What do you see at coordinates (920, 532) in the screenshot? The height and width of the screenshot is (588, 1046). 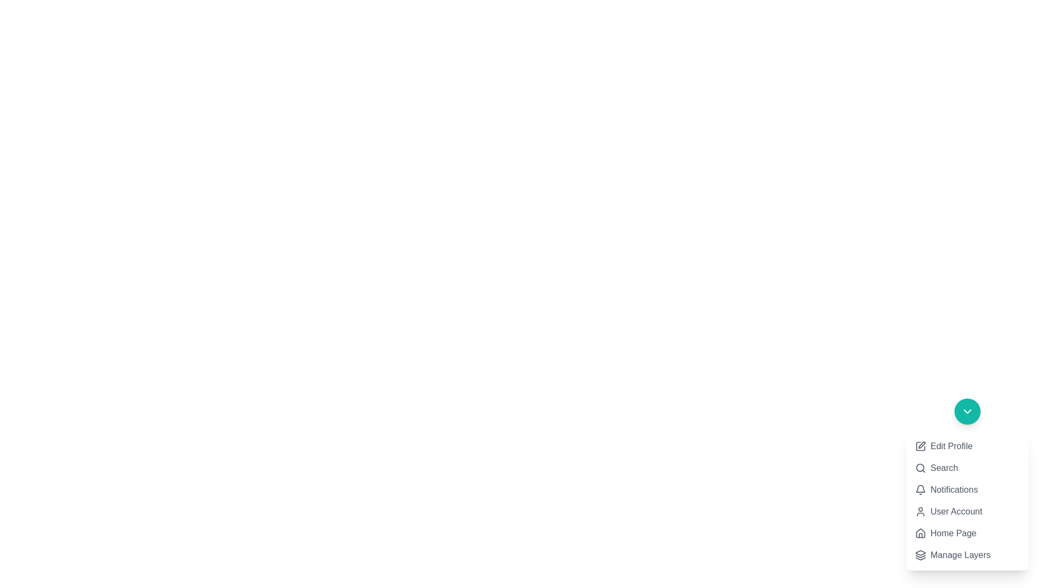 I see `the house icon in the dropdown menu` at bounding box center [920, 532].